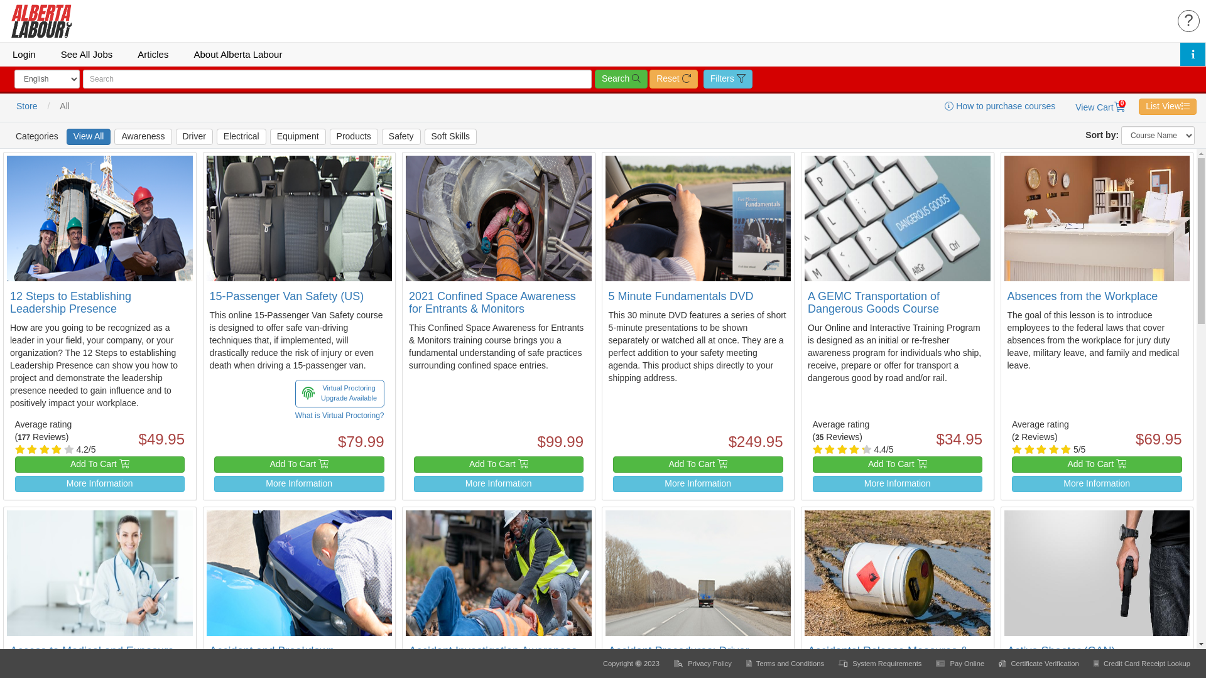 The image size is (1206, 678). What do you see at coordinates (1082, 296) in the screenshot?
I see `'Absences from the Workplace'` at bounding box center [1082, 296].